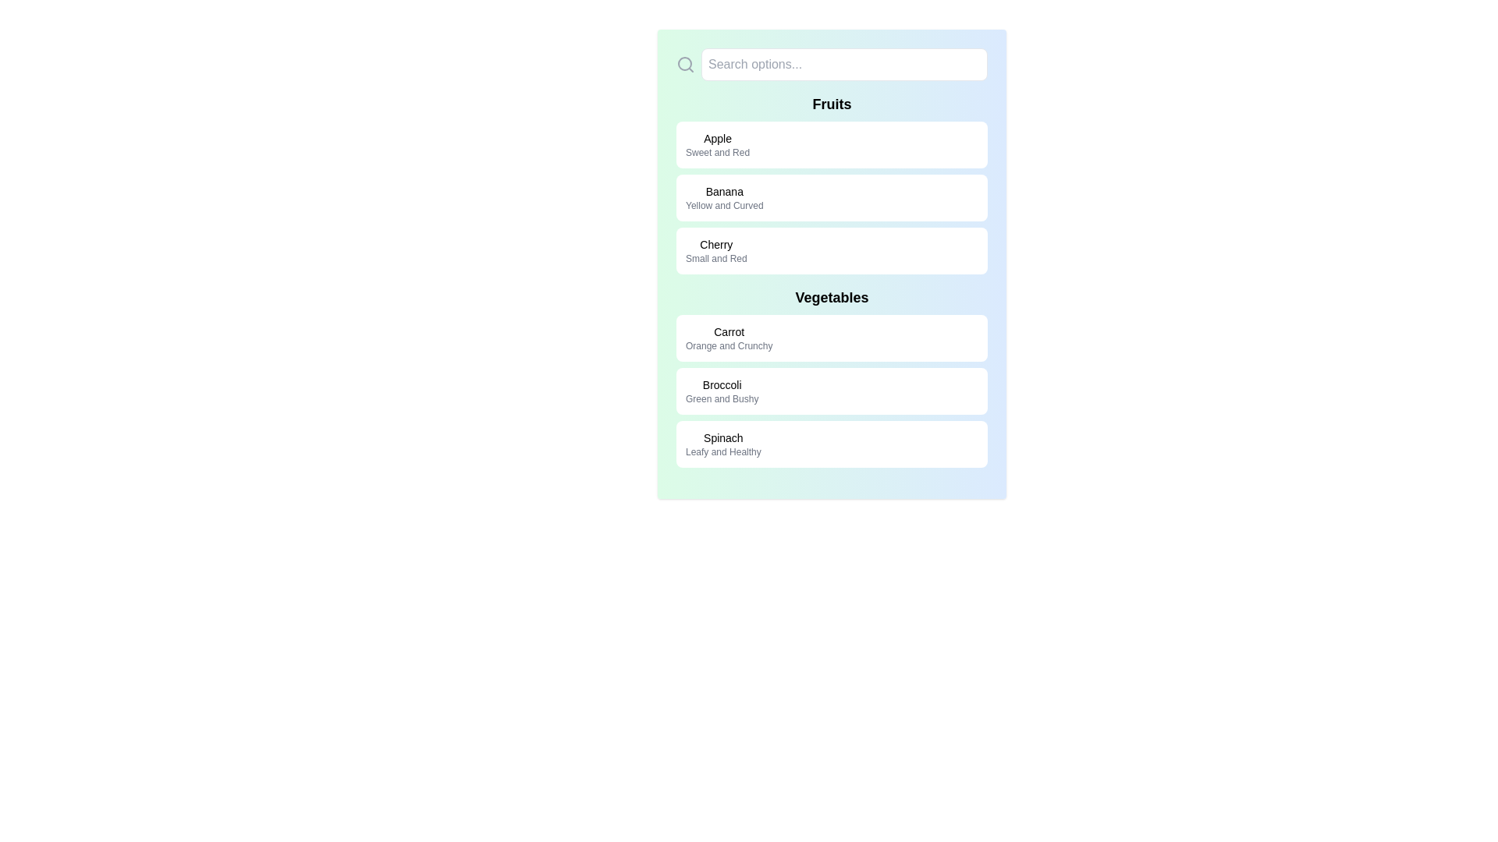 The image size is (1498, 842). What do you see at coordinates (728, 338) in the screenshot?
I see `the text label for 'Carrot' that provides the description 'Orange and Crunchy'` at bounding box center [728, 338].